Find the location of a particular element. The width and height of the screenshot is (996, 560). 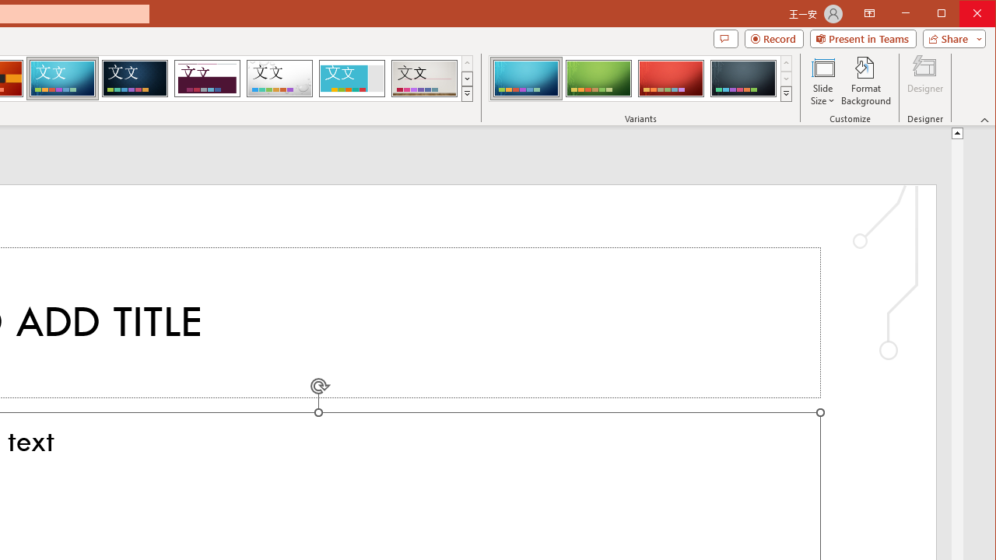

'Collapse the Ribbon' is located at coordinates (984, 119).